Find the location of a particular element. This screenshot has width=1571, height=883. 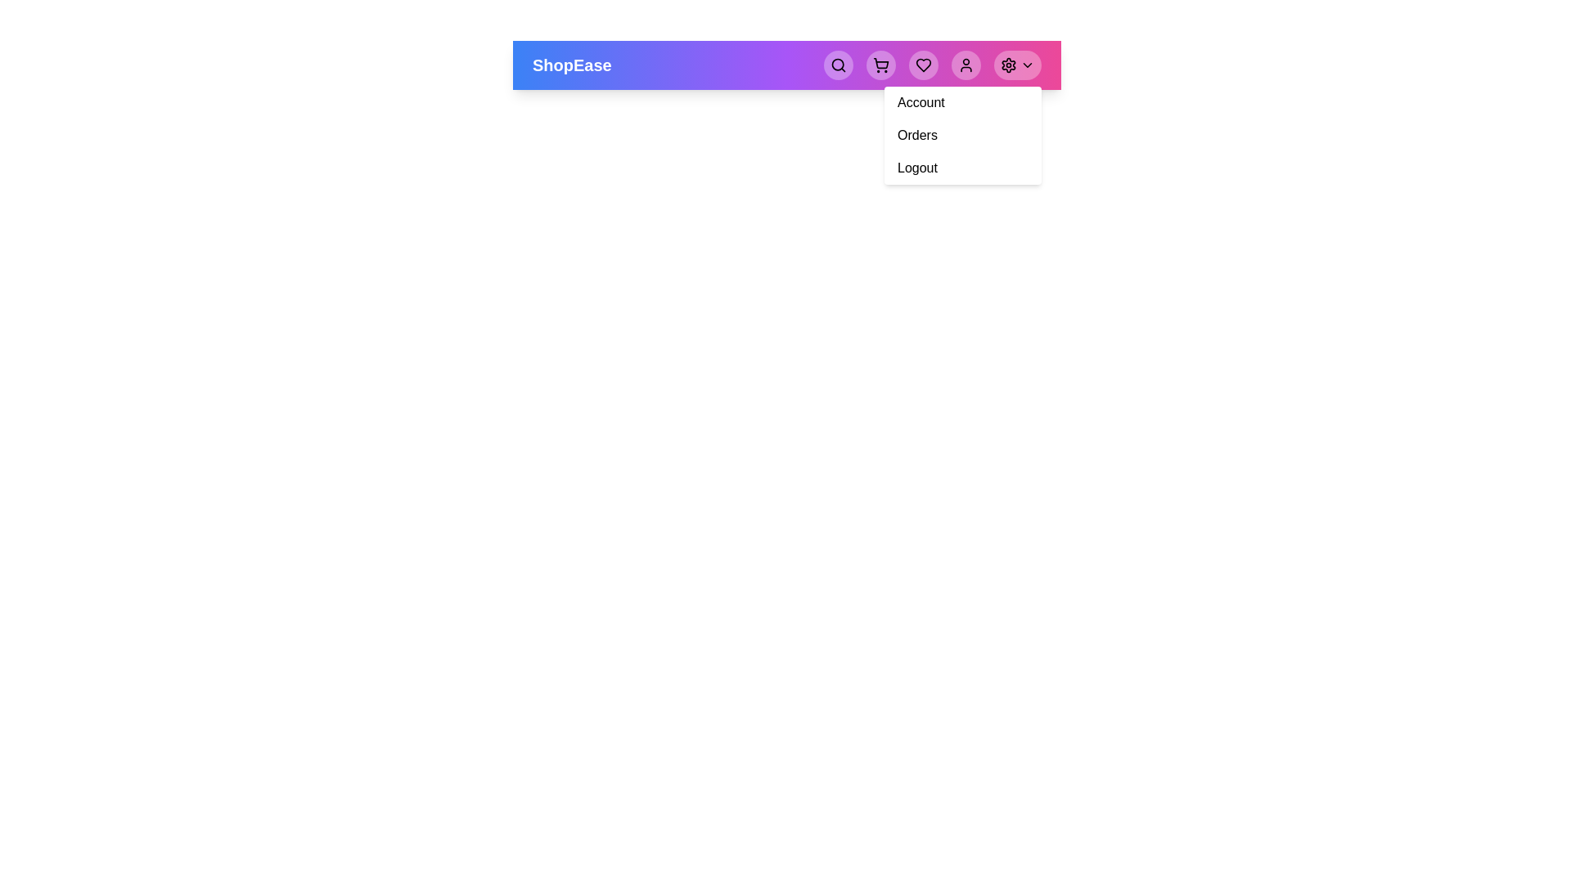

heart button is located at coordinates (923, 65).